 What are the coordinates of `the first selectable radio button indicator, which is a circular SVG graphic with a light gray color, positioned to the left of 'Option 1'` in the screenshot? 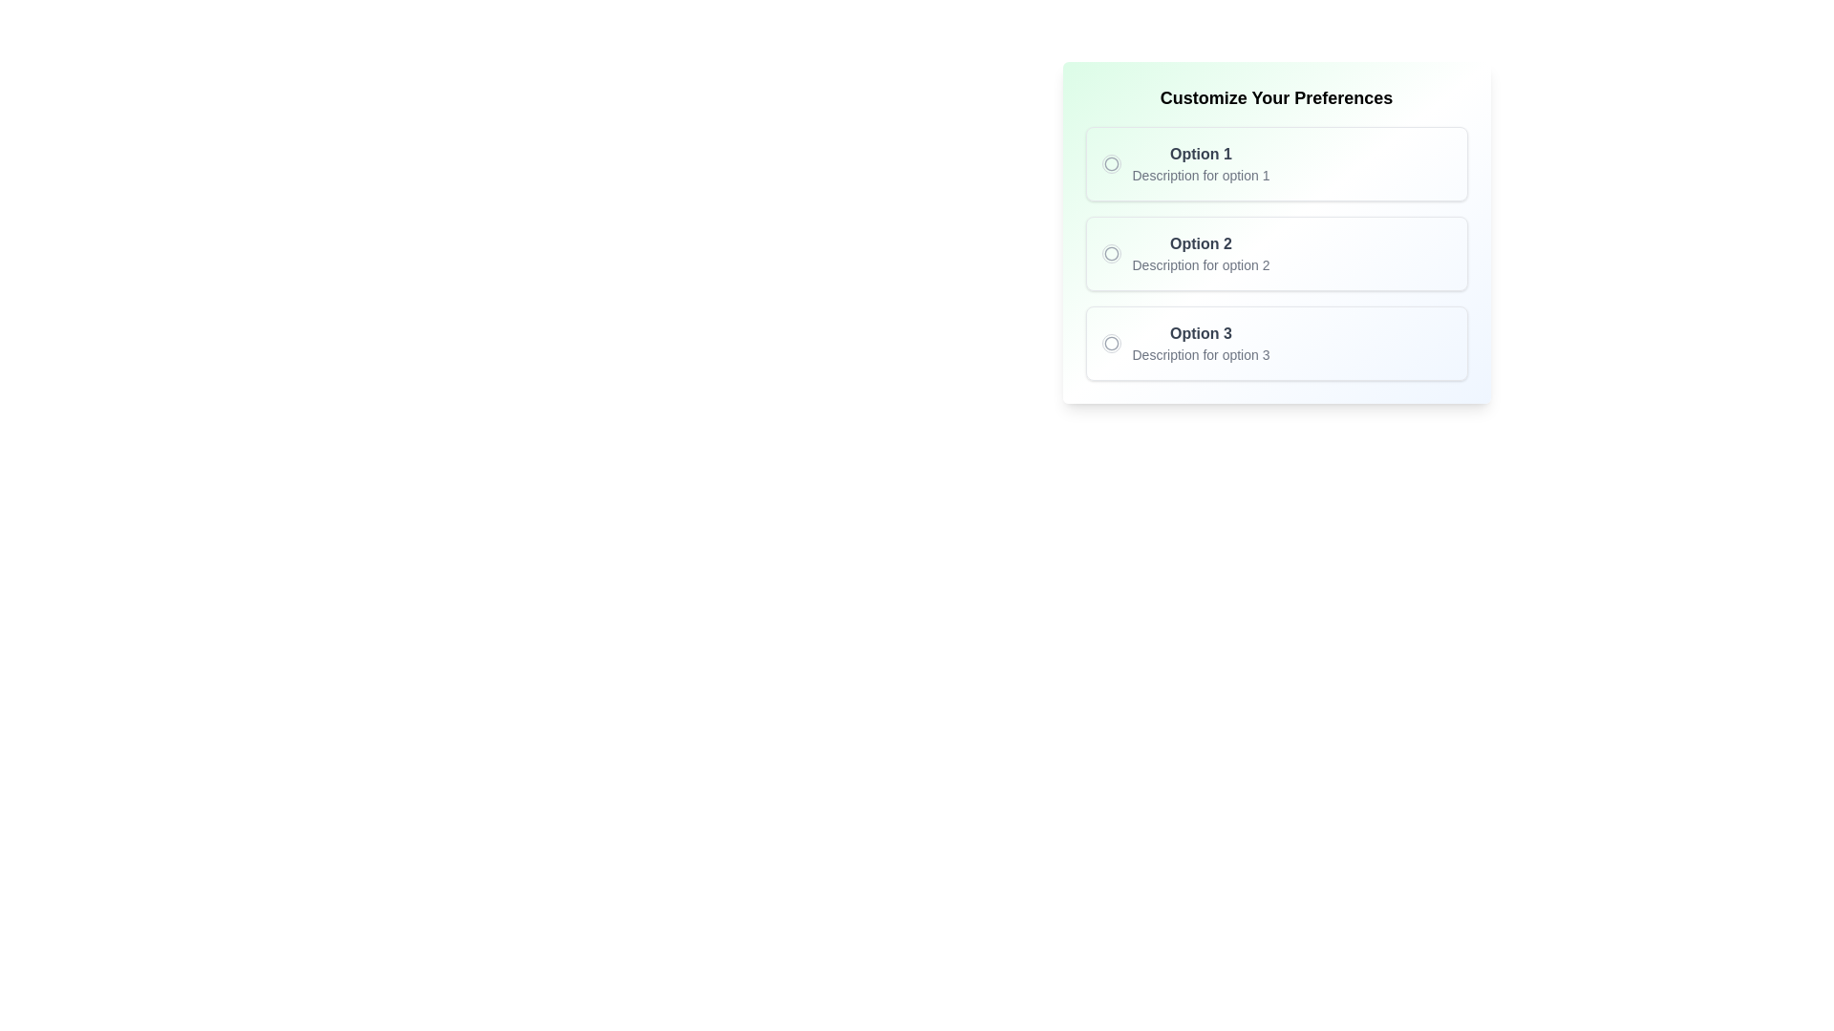 It's located at (1111, 163).